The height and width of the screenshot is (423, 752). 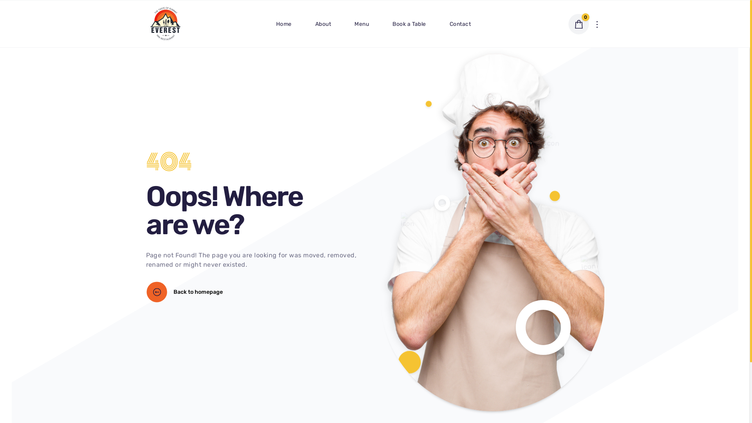 I want to click on 'About', so click(x=323, y=23).